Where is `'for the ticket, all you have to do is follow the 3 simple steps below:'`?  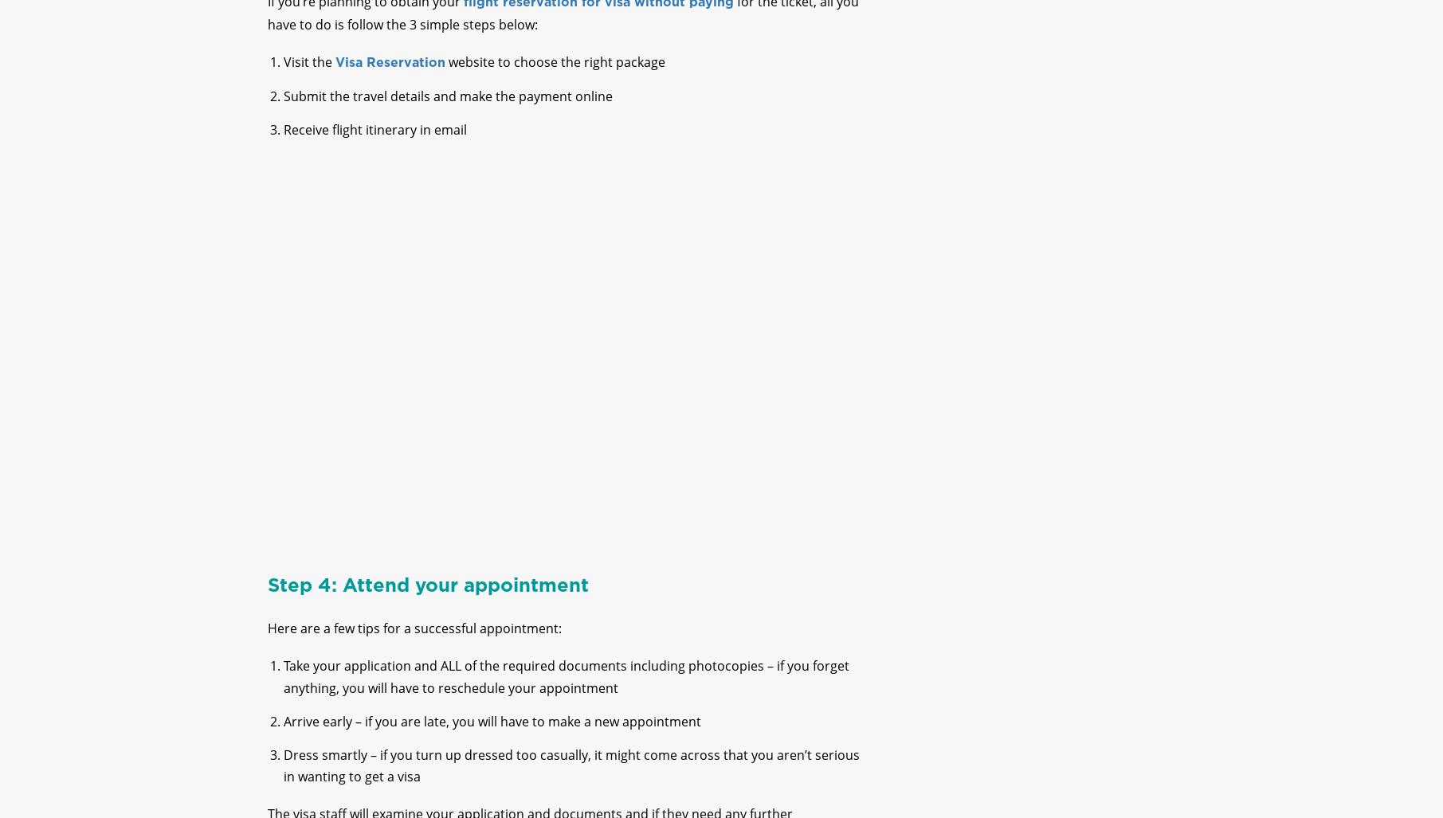 'for the ticket, all you have to do is follow the 3 simple steps below:' is located at coordinates (266, 25).